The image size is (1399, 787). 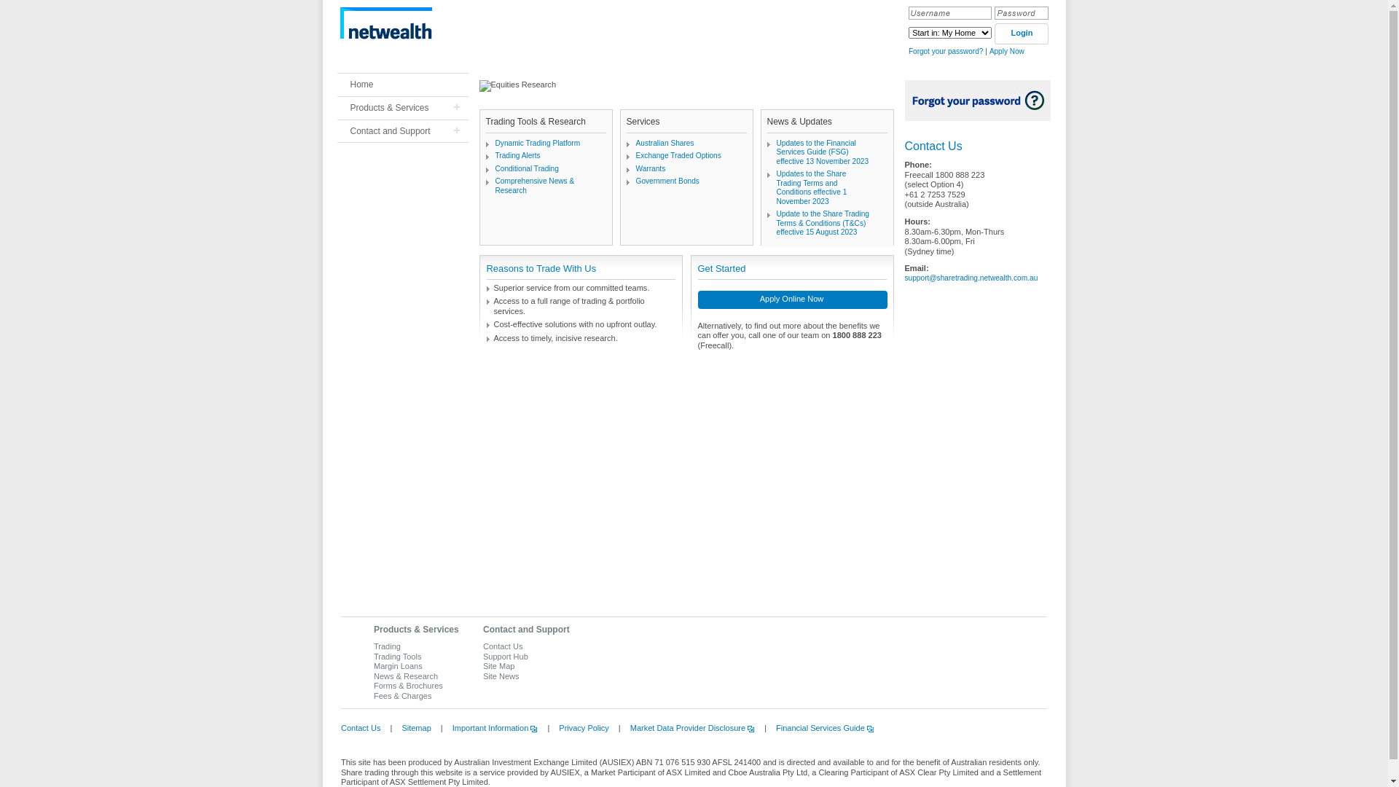 I want to click on 'Trading', so click(x=374, y=646).